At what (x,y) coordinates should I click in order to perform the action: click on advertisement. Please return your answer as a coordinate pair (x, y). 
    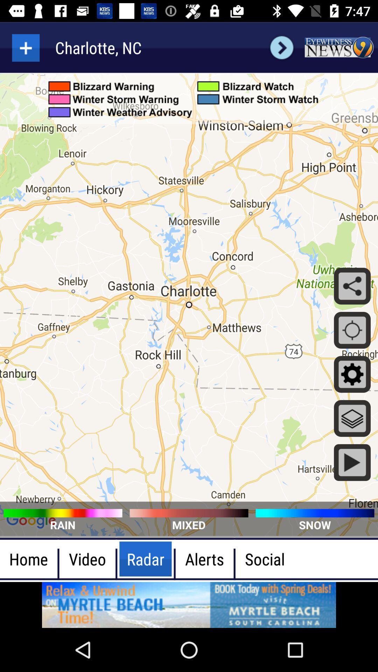
    Looking at the image, I should click on (189, 604).